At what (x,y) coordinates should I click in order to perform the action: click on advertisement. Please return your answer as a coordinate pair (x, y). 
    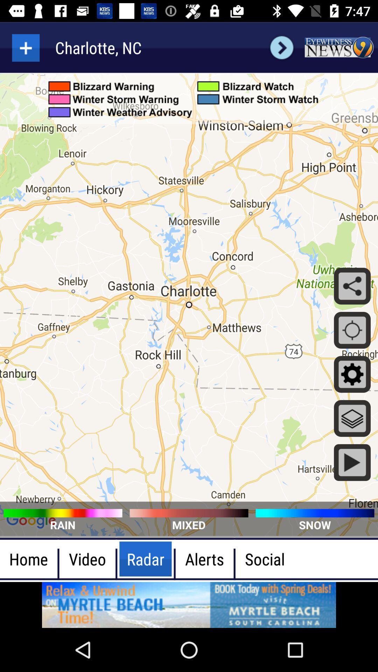
    Looking at the image, I should click on (189, 604).